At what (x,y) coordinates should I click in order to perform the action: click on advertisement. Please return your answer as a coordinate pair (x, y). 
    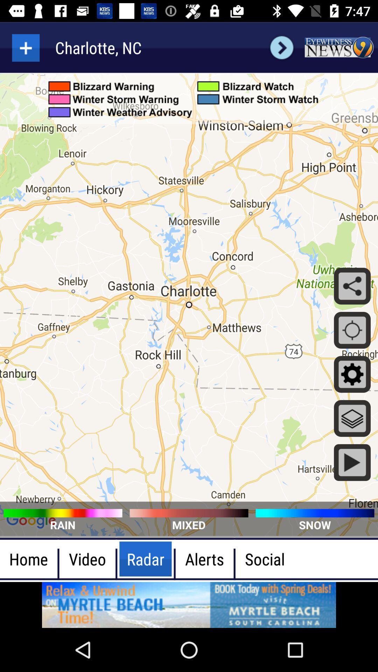
    Looking at the image, I should click on (189, 604).